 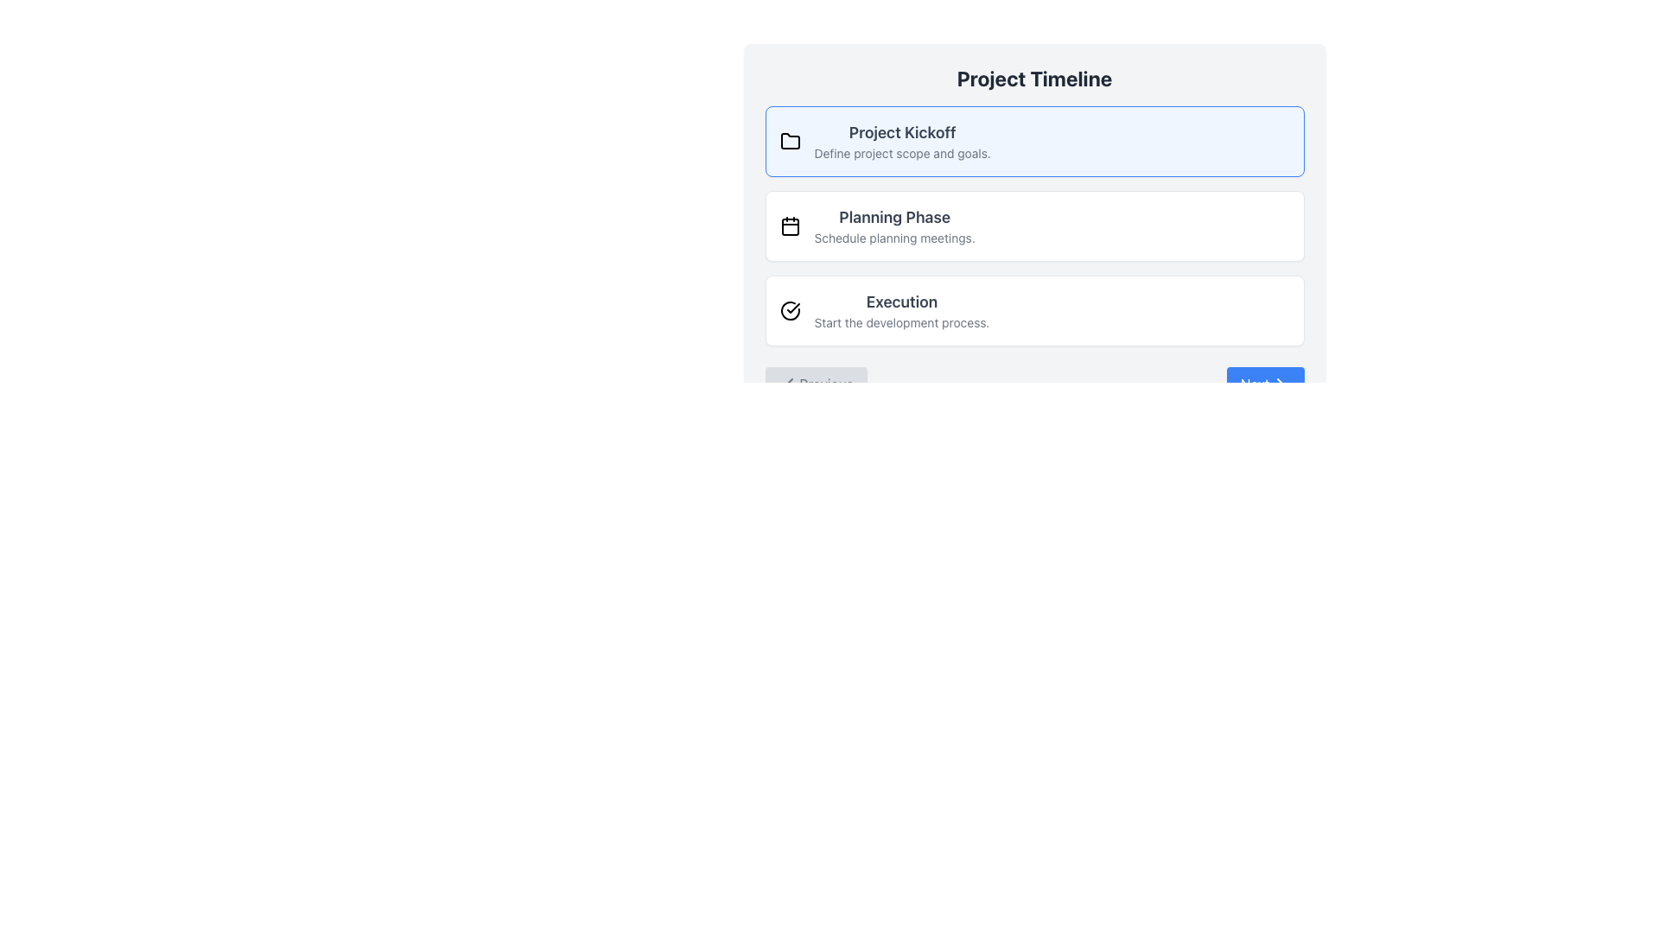 What do you see at coordinates (1034, 79) in the screenshot?
I see `text heading labeled 'Project Timeline' which is prominently displayed in bold typography at the top of the layout` at bounding box center [1034, 79].